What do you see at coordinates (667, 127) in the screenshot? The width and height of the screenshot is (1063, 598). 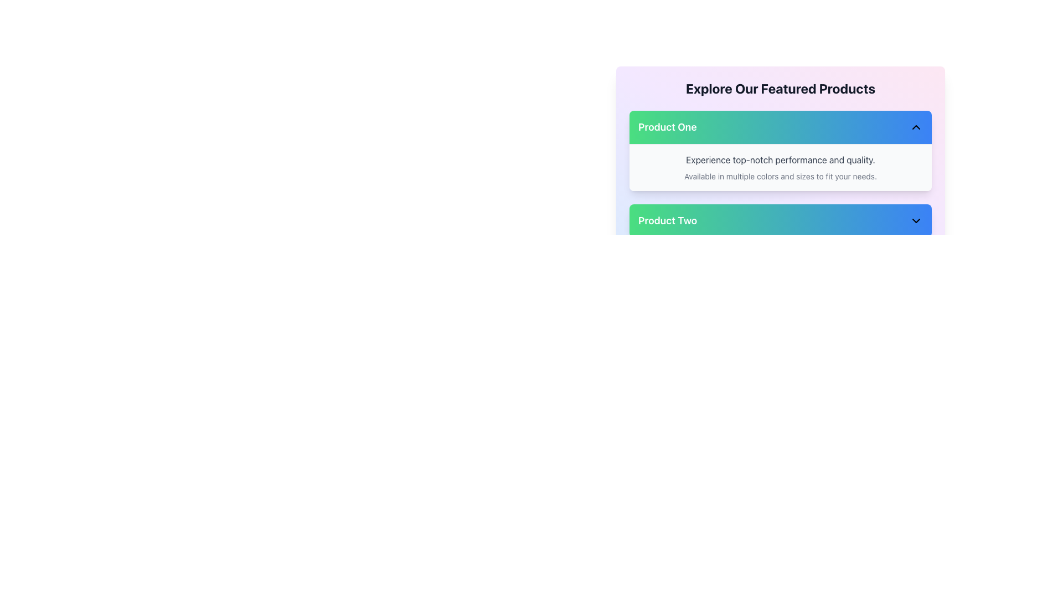 I see `text of the 'Product One' label displayed in bold white font against a gradient background` at bounding box center [667, 127].